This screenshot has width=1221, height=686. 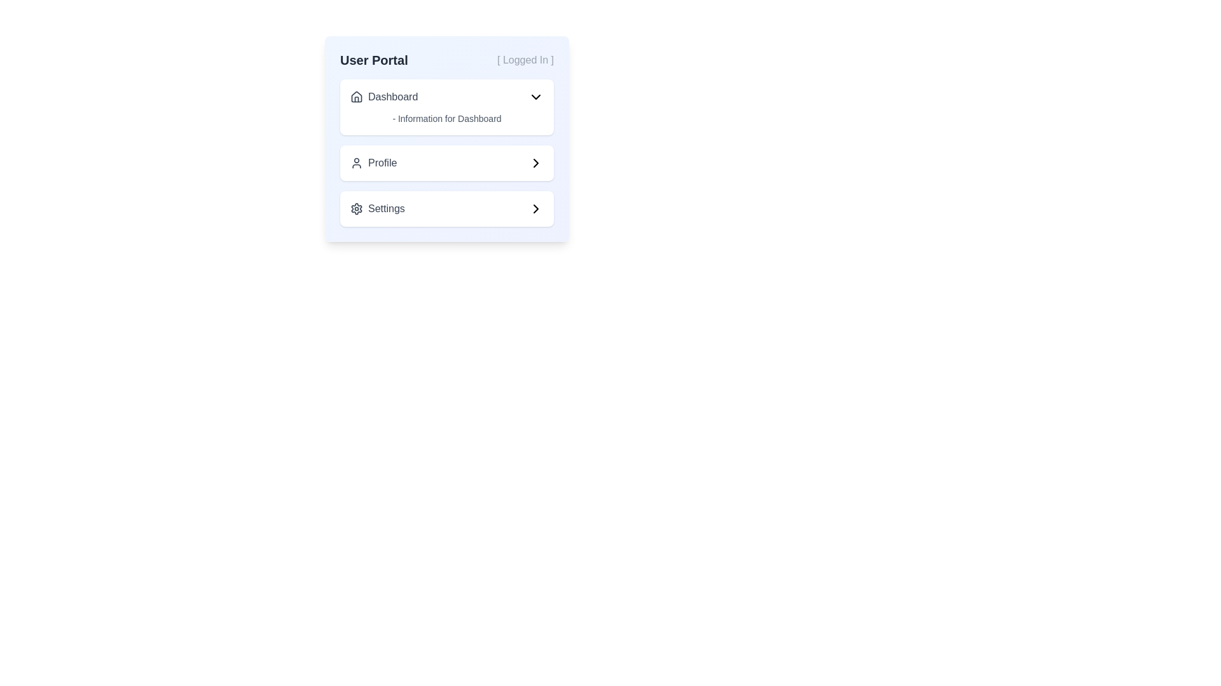 What do you see at coordinates (536, 163) in the screenshot?
I see `the navigational chevron icon located to the far-right of the Profile option in the User Portal` at bounding box center [536, 163].